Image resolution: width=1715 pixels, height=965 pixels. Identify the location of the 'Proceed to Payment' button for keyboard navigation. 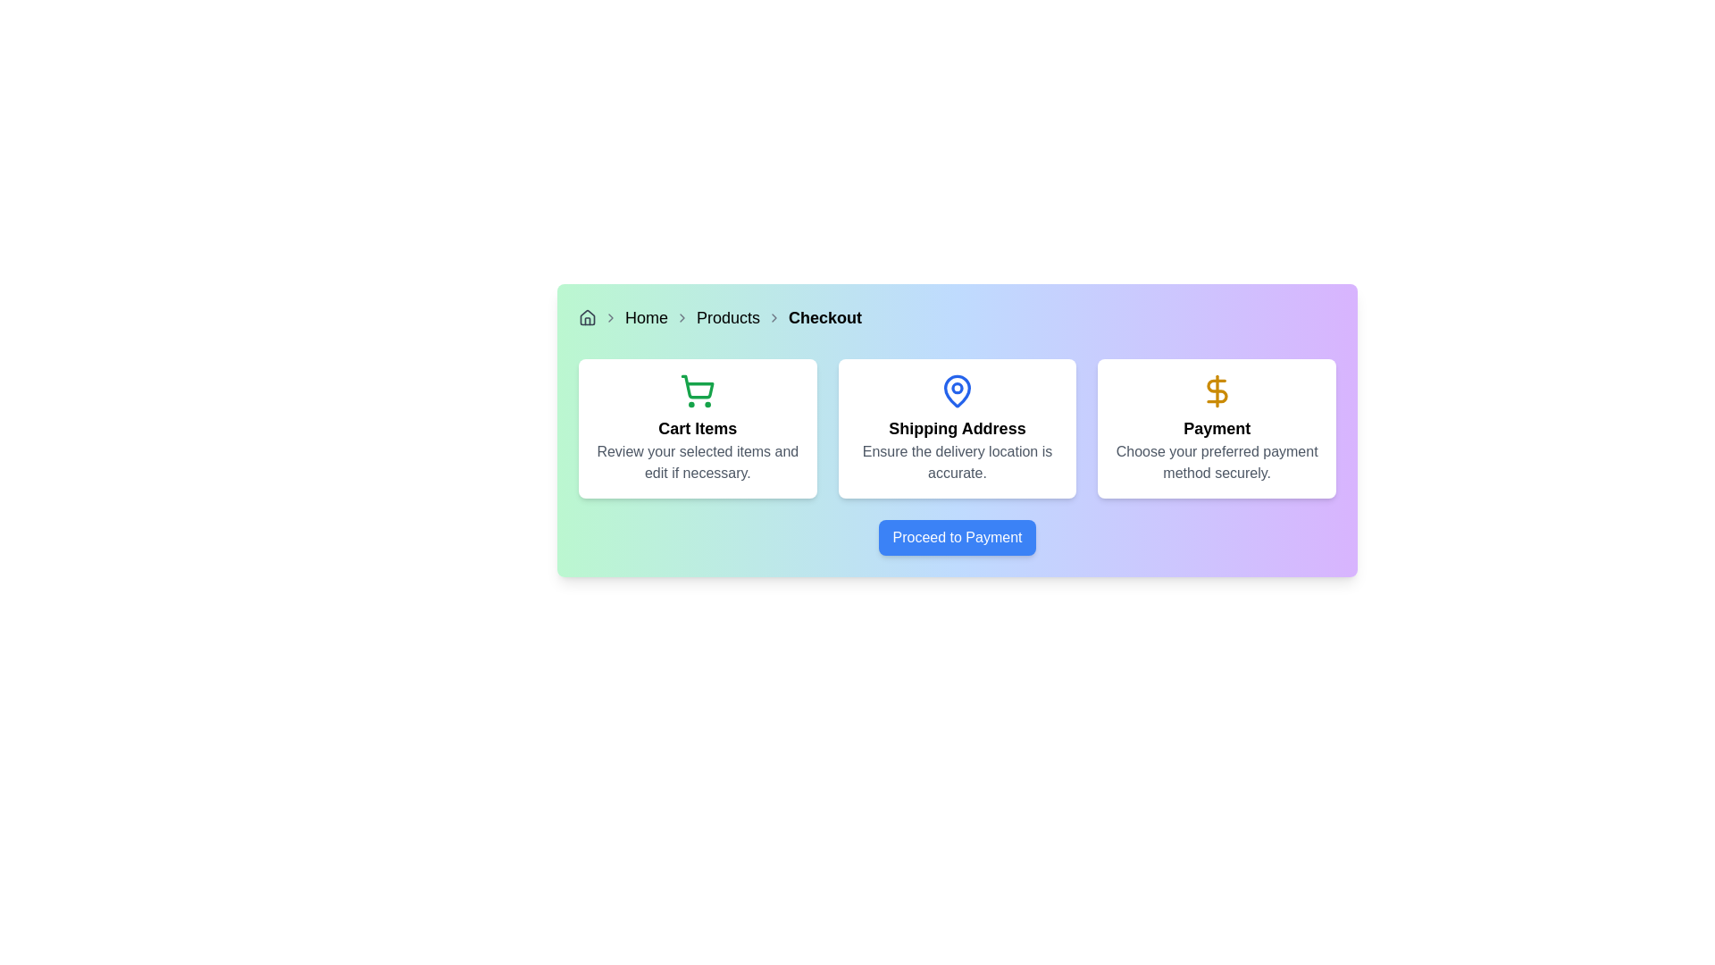
(956, 536).